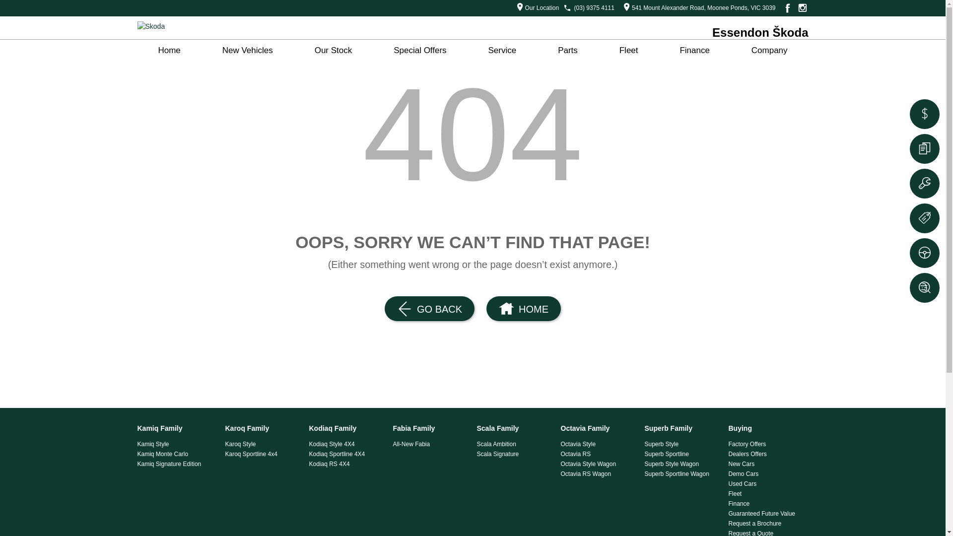  I want to click on 'Our Location', so click(535, 7).